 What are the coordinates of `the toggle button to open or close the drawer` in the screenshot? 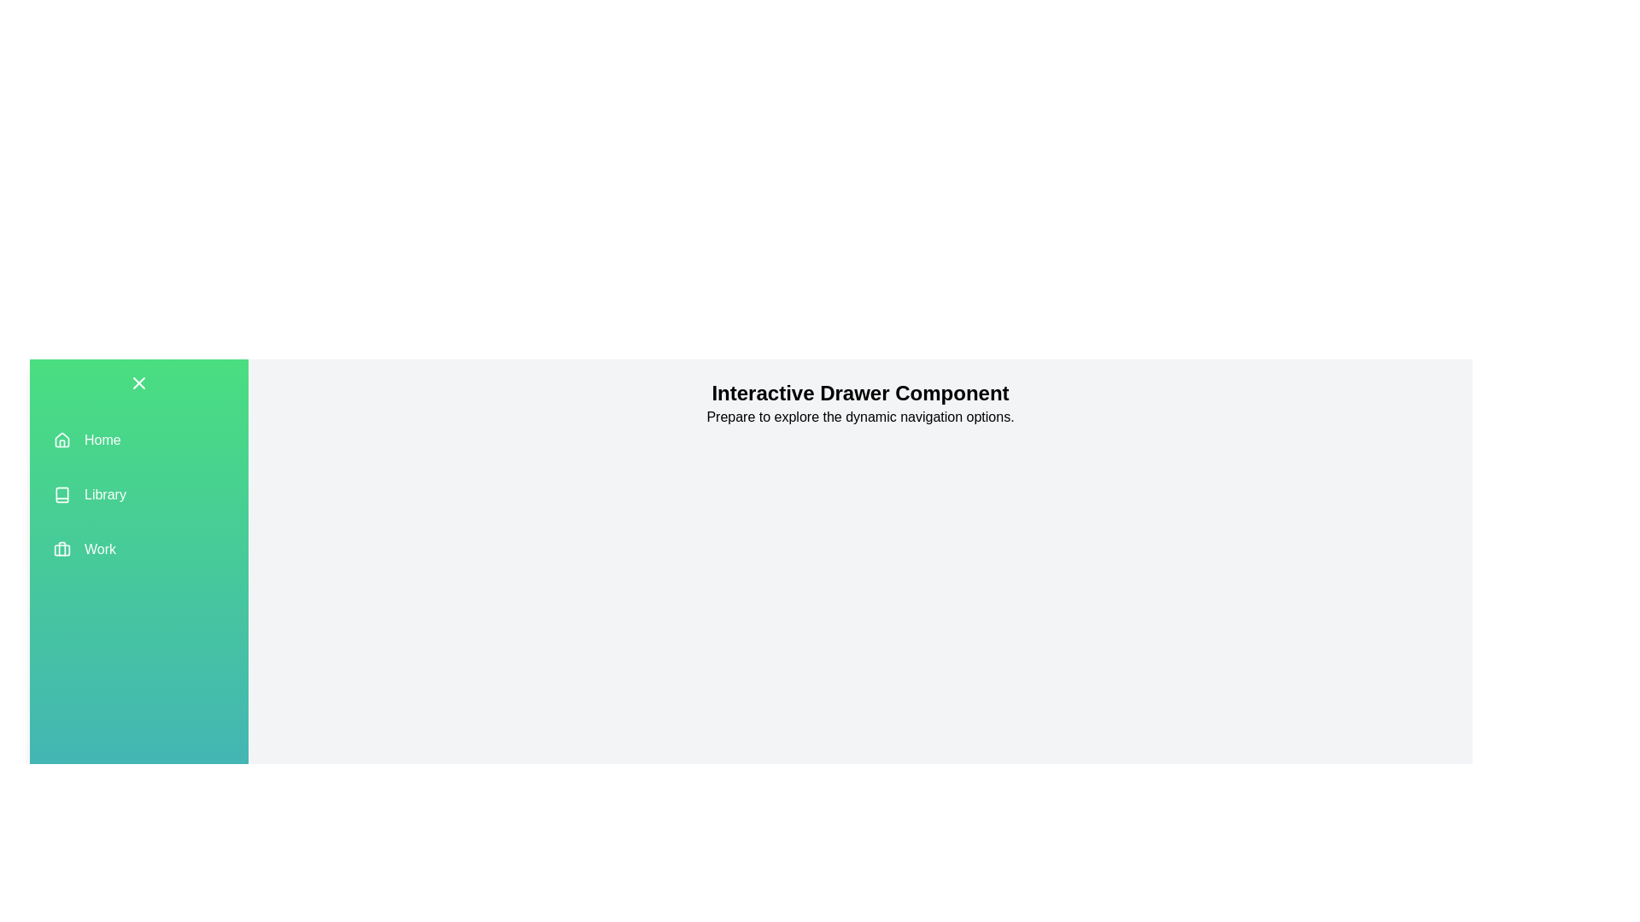 It's located at (139, 382).